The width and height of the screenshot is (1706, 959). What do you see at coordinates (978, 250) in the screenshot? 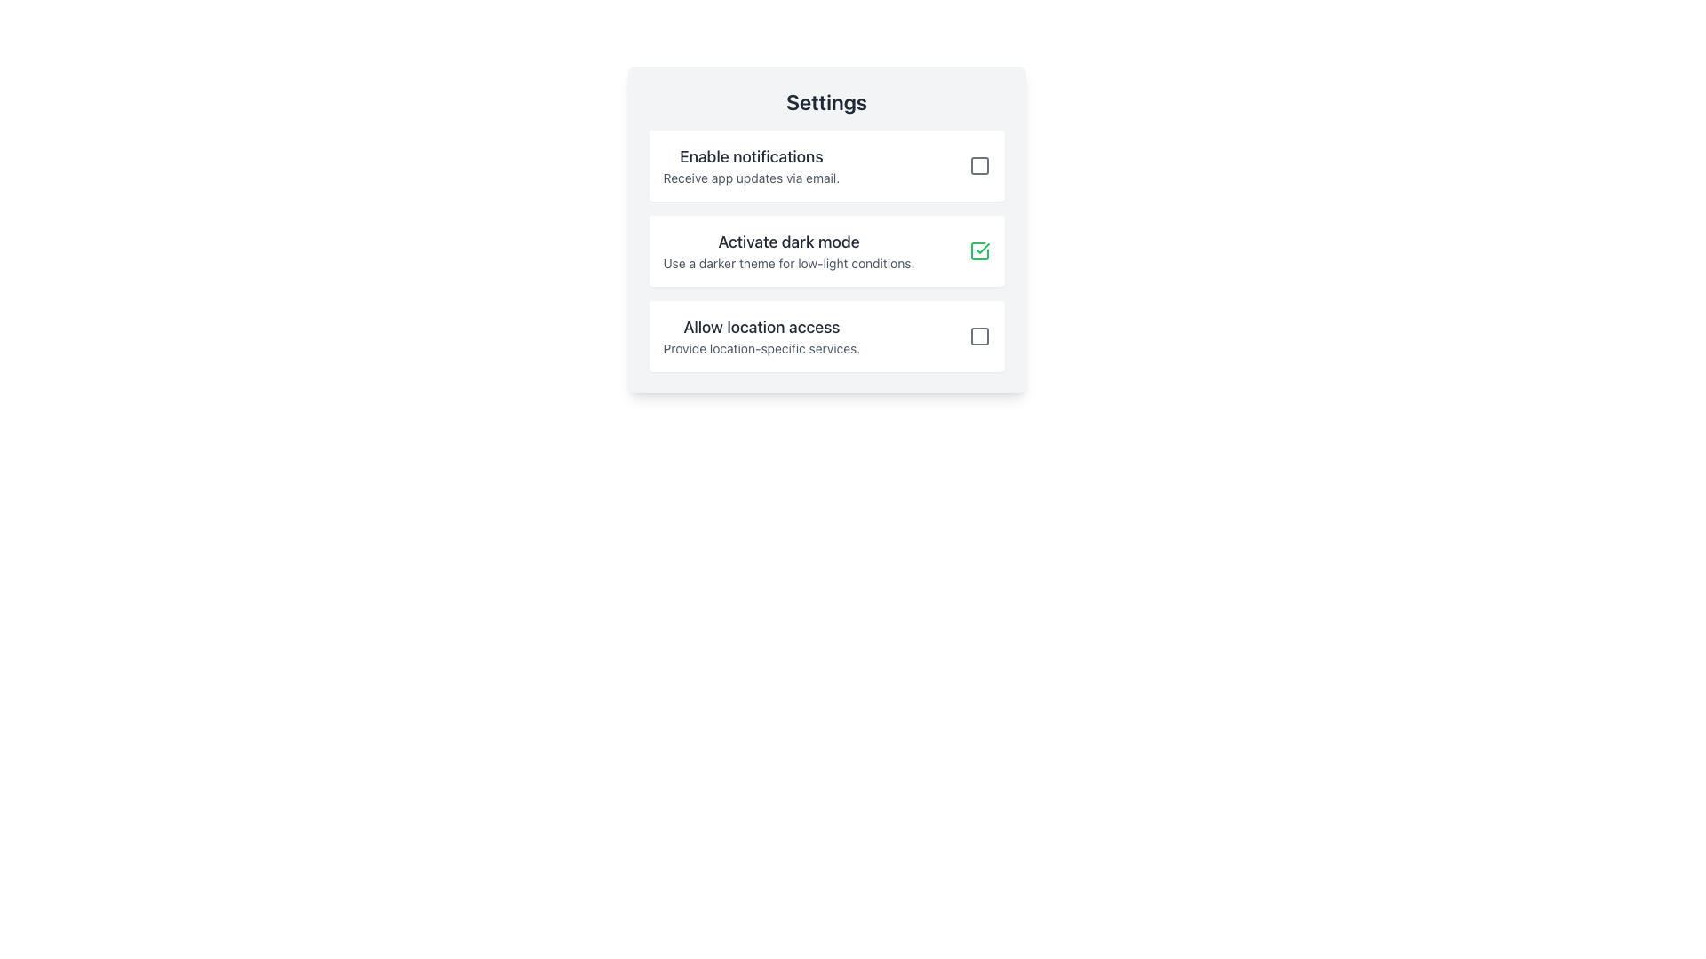
I see `the dark mode activation icon located in the second section of the 'Settings' card interface, which is aligned to the right of the description text 'Activate dark mode: Use a darker theme for low-light conditions.'` at bounding box center [978, 250].